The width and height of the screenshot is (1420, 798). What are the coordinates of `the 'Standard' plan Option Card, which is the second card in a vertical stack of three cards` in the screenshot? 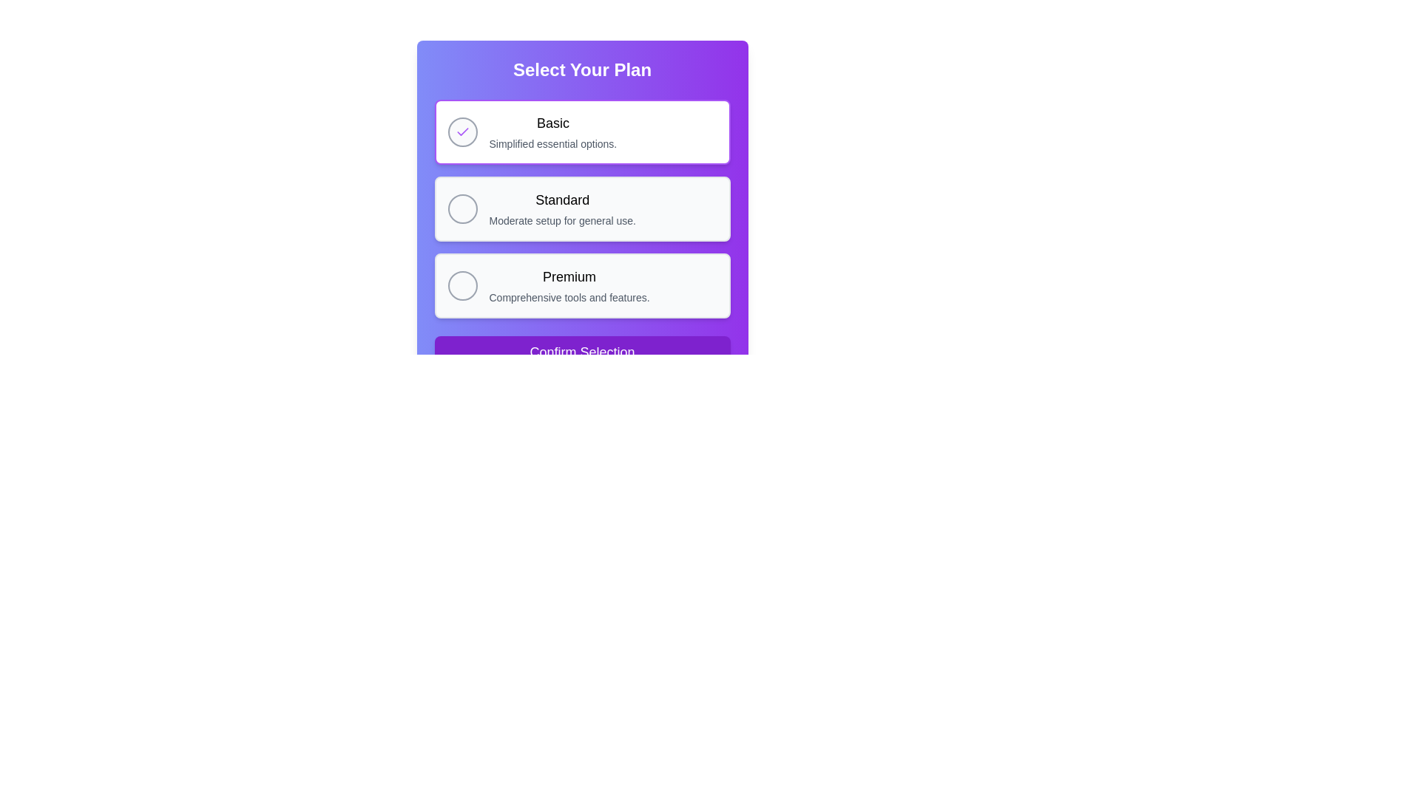 It's located at (581, 208).